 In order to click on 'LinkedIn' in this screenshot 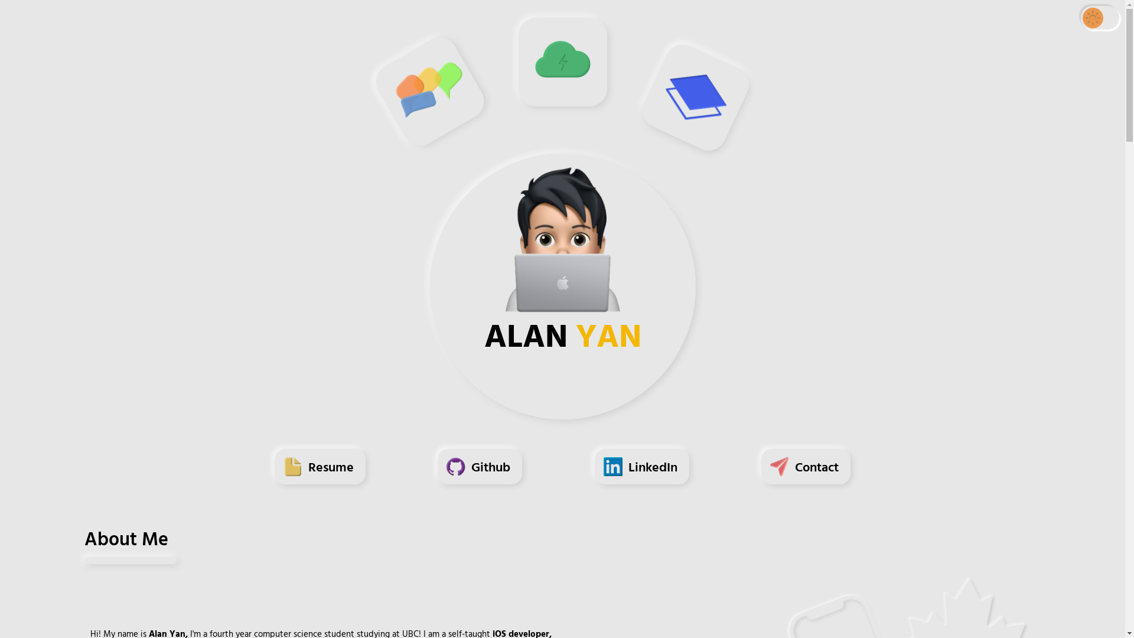, I will do `click(641, 471)`.